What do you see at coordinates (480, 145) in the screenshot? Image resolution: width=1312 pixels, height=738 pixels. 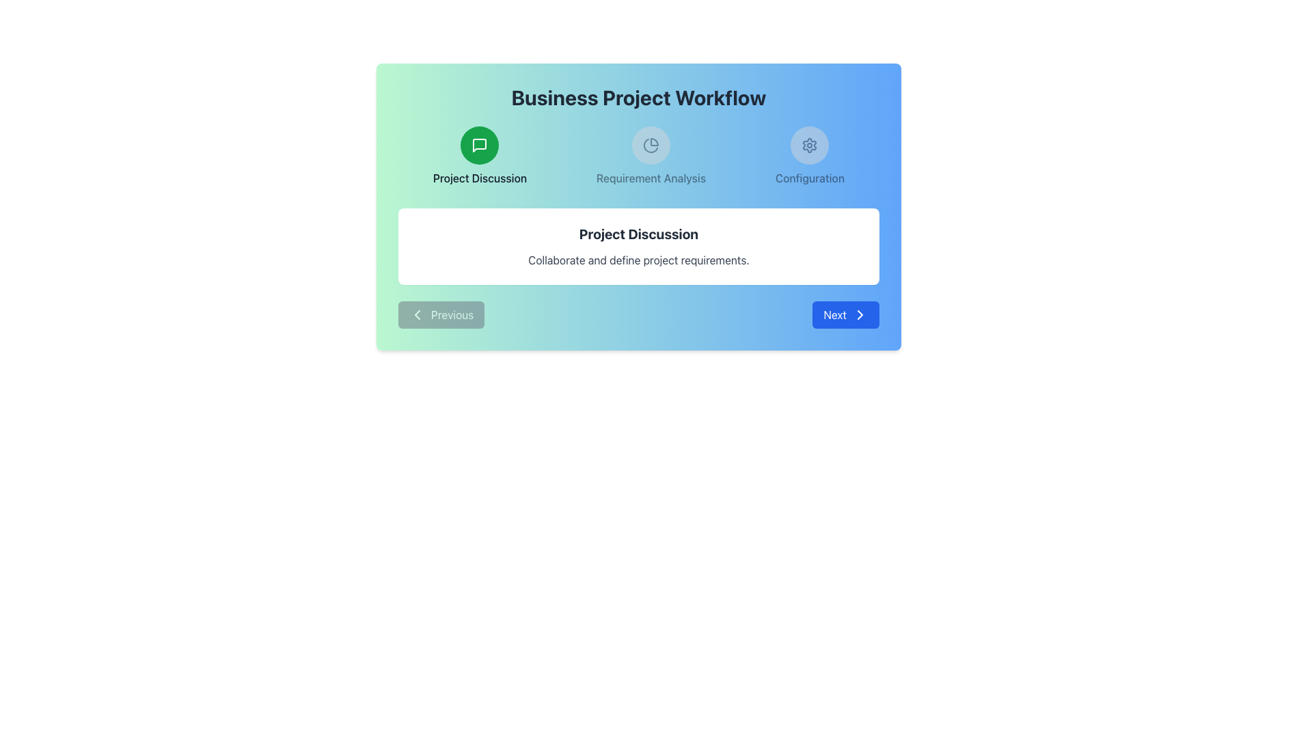 I see `the green circular icon representing the 'Project Discussion' stage of the workflow, located at the top section of the interface` at bounding box center [480, 145].